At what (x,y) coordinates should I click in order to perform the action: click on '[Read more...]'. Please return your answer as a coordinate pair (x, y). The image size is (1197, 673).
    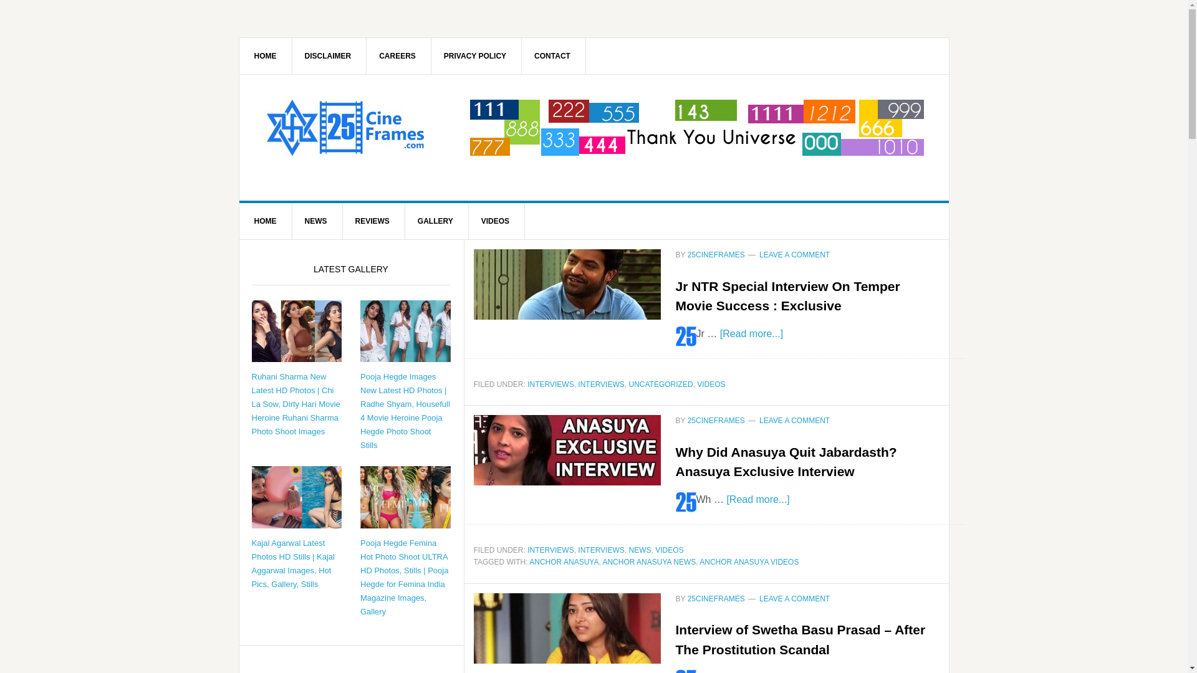
    Looking at the image, I should click on (751, 332).